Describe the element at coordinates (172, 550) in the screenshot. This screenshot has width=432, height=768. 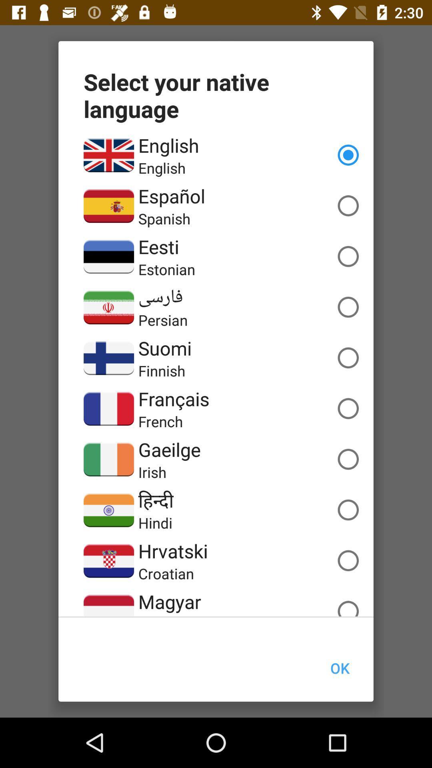
I see `item above croatian app` at that location.